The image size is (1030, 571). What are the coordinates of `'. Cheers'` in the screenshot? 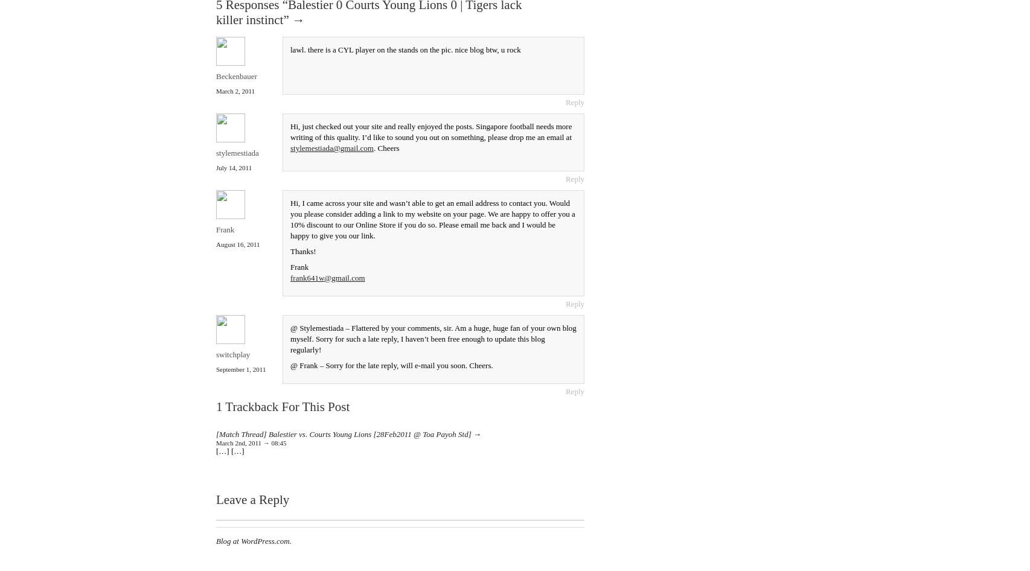 It's located at (385, 147).